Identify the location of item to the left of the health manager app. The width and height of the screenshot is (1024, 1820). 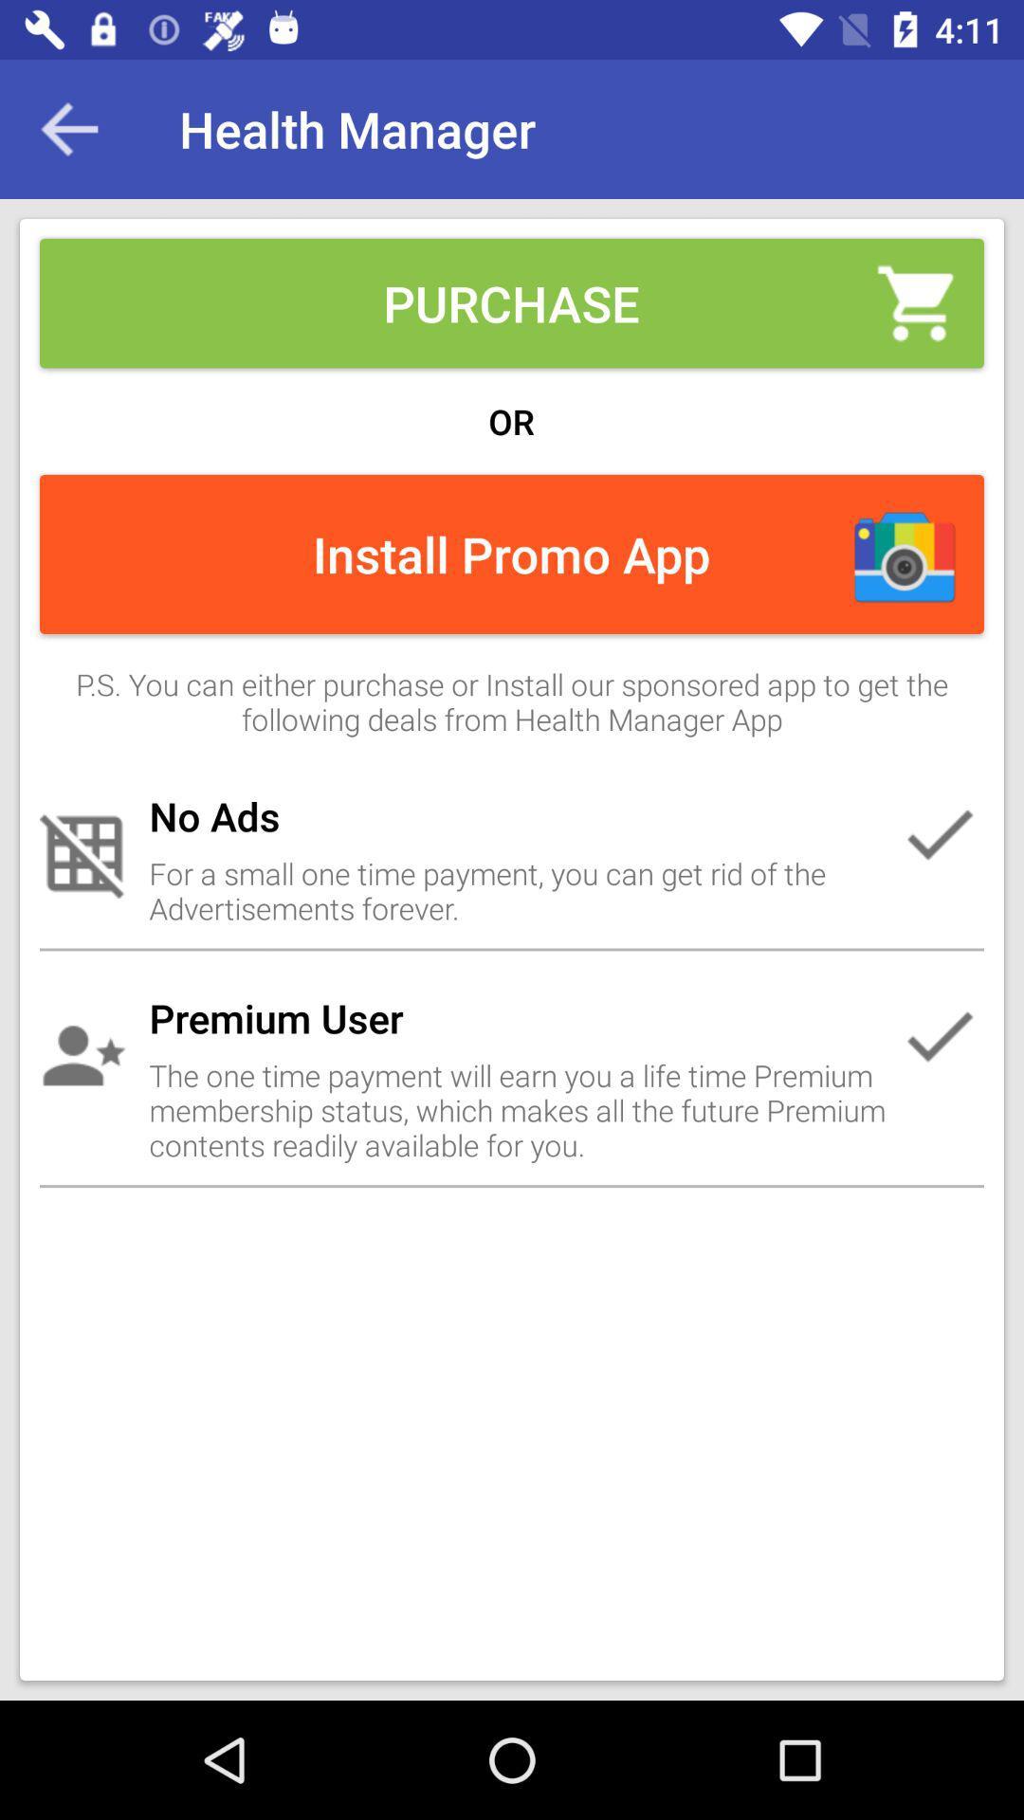
(68, 128).